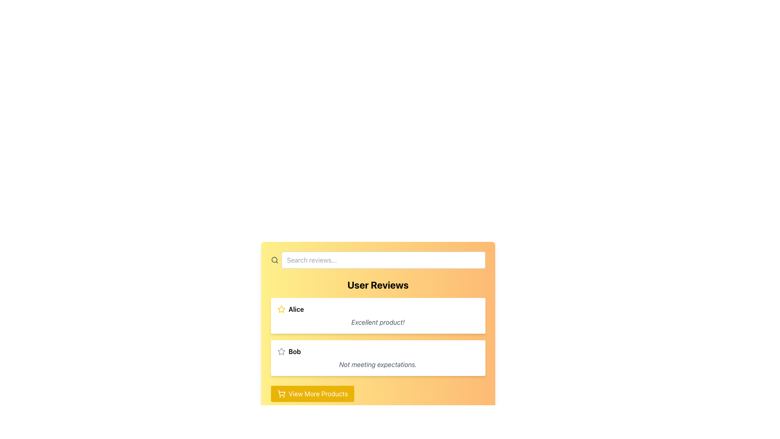 This screenshot has width=780, height=439. I want to click on the shopping cart icon located inside the 'View More Products' button, which has a yellow background and features a simplistic outline style with a rectangular cart body and two circular wheels, so click(281, 393).